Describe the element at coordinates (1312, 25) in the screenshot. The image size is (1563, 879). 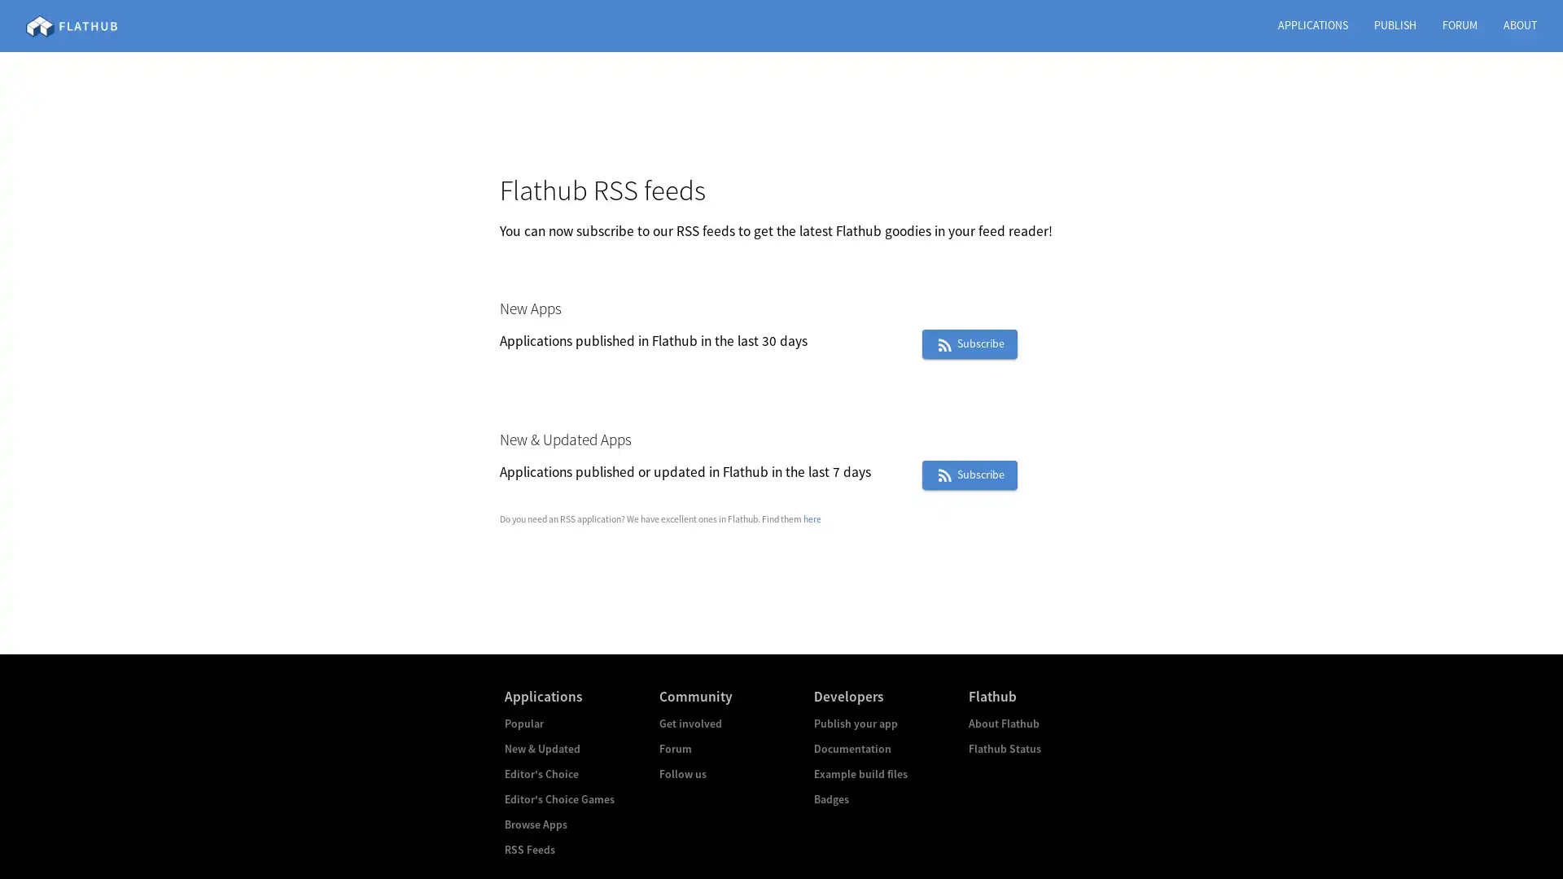
I see `APPLICATIONS` at that location.